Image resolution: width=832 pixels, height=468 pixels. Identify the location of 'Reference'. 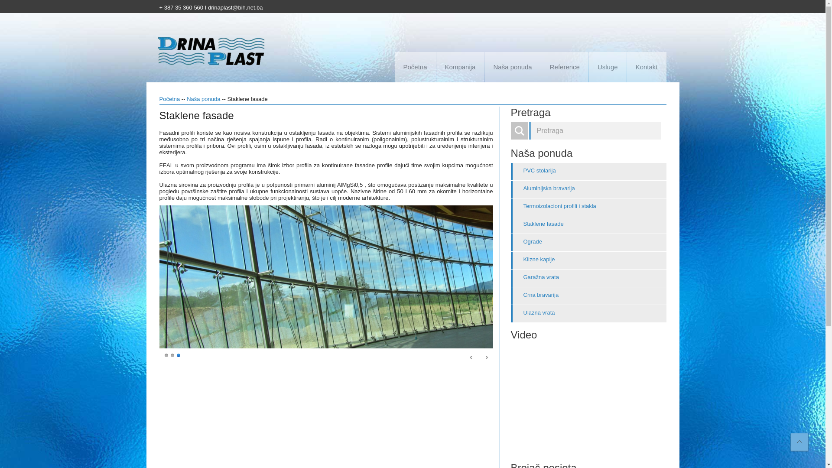
(540, 66).